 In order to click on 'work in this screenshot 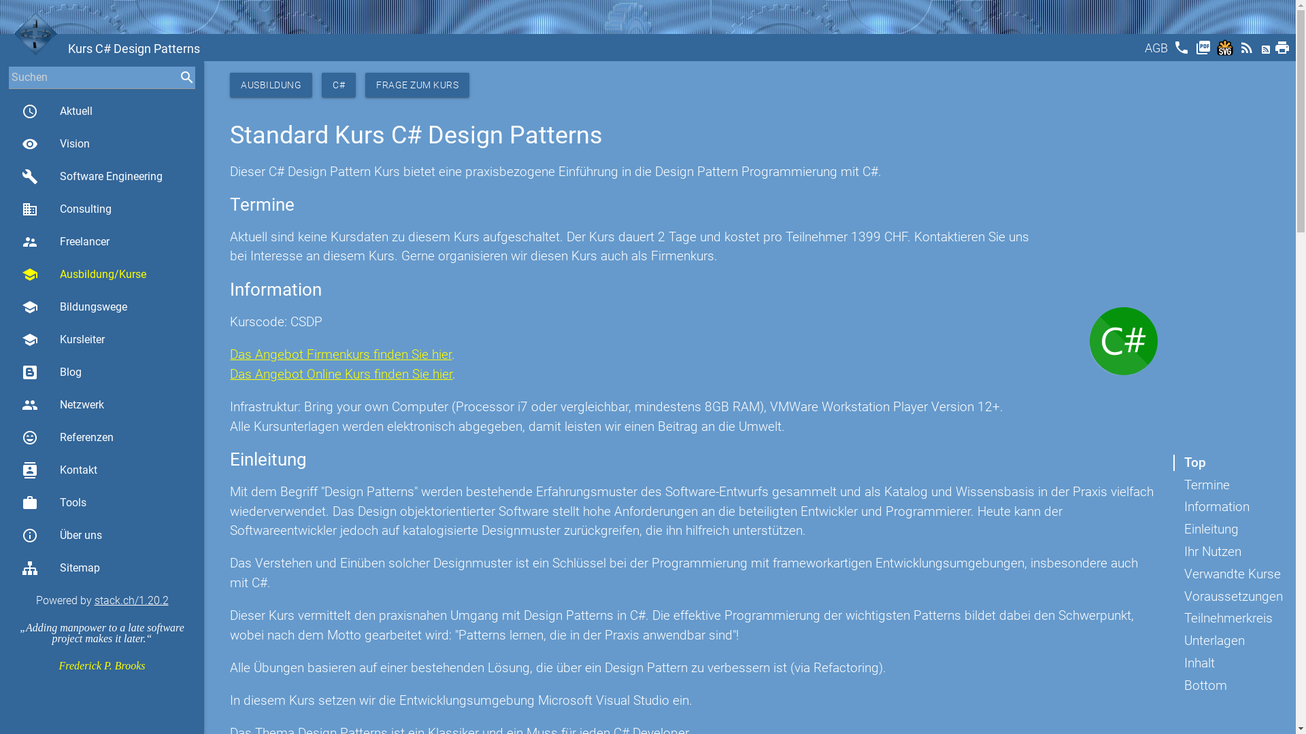, I will do `click(101, 503)`.